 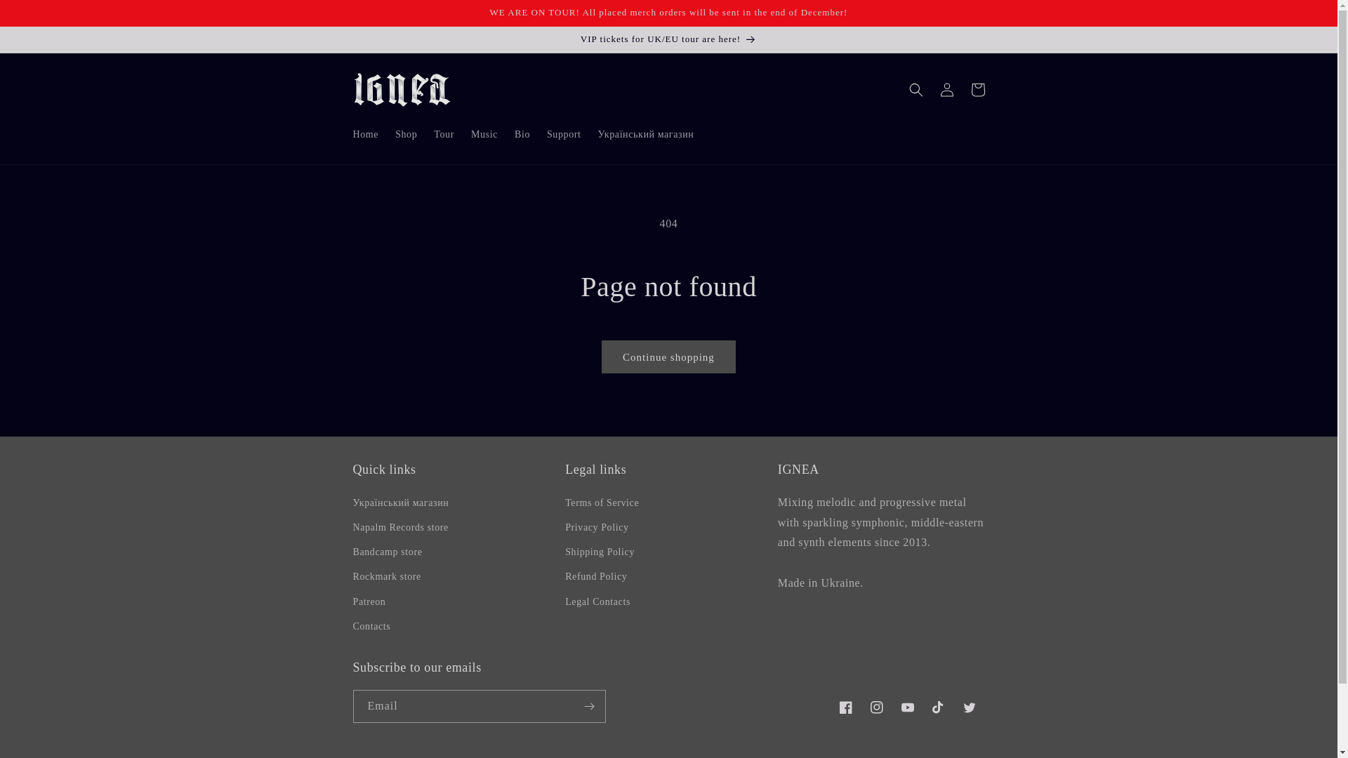 What do you see at coordinates (399, 527) in the screenshot?
I see `'Napalm Records store'` at bounding box center [399, 527].